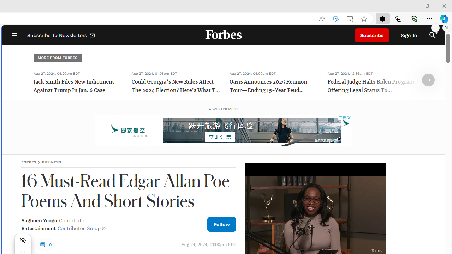 The image size is (452, 254). What do you see at coordinates (221, 224) in the screenshot?
I see `'Follow Author'` at bounding box center [221, 224].